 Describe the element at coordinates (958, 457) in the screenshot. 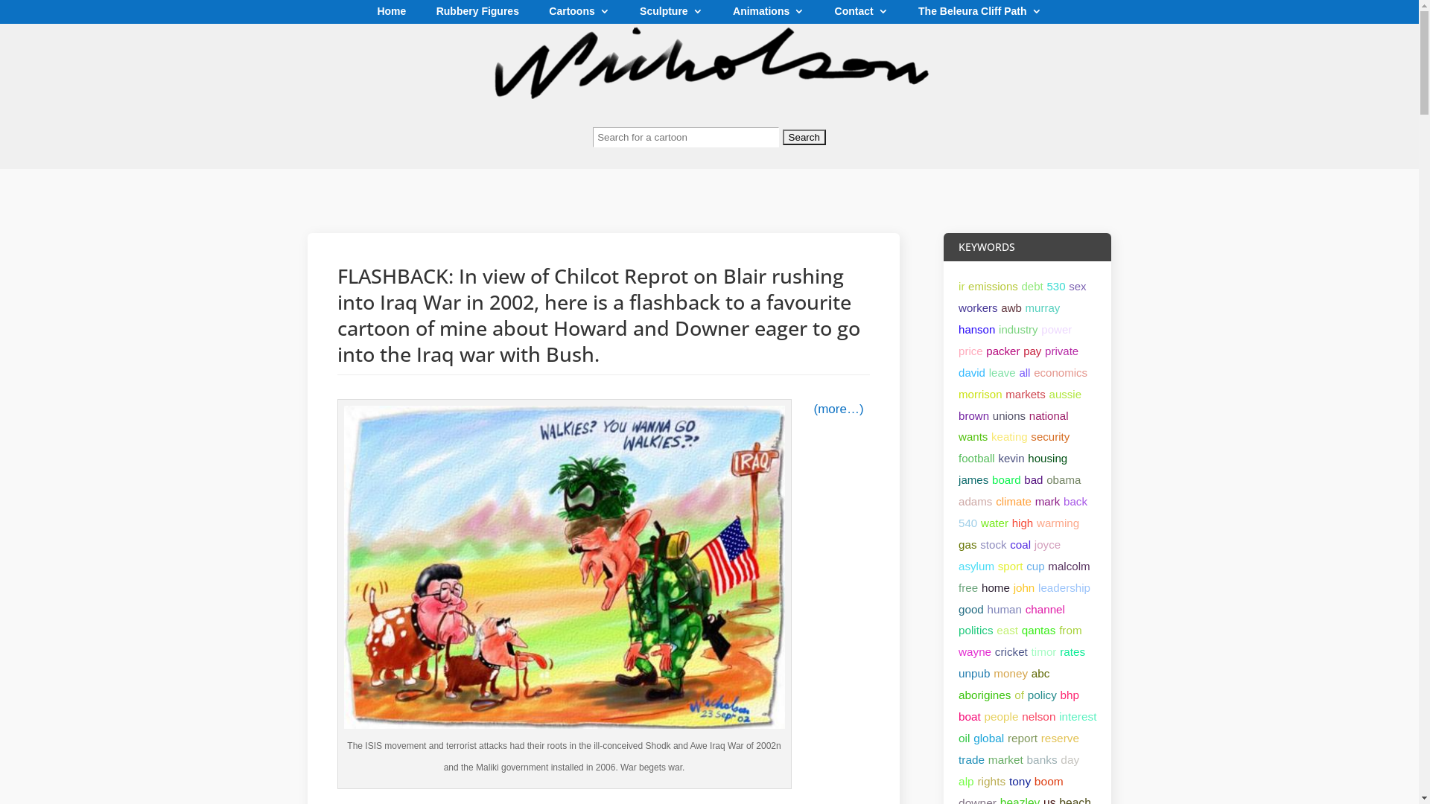

I see `'football'` at that location.